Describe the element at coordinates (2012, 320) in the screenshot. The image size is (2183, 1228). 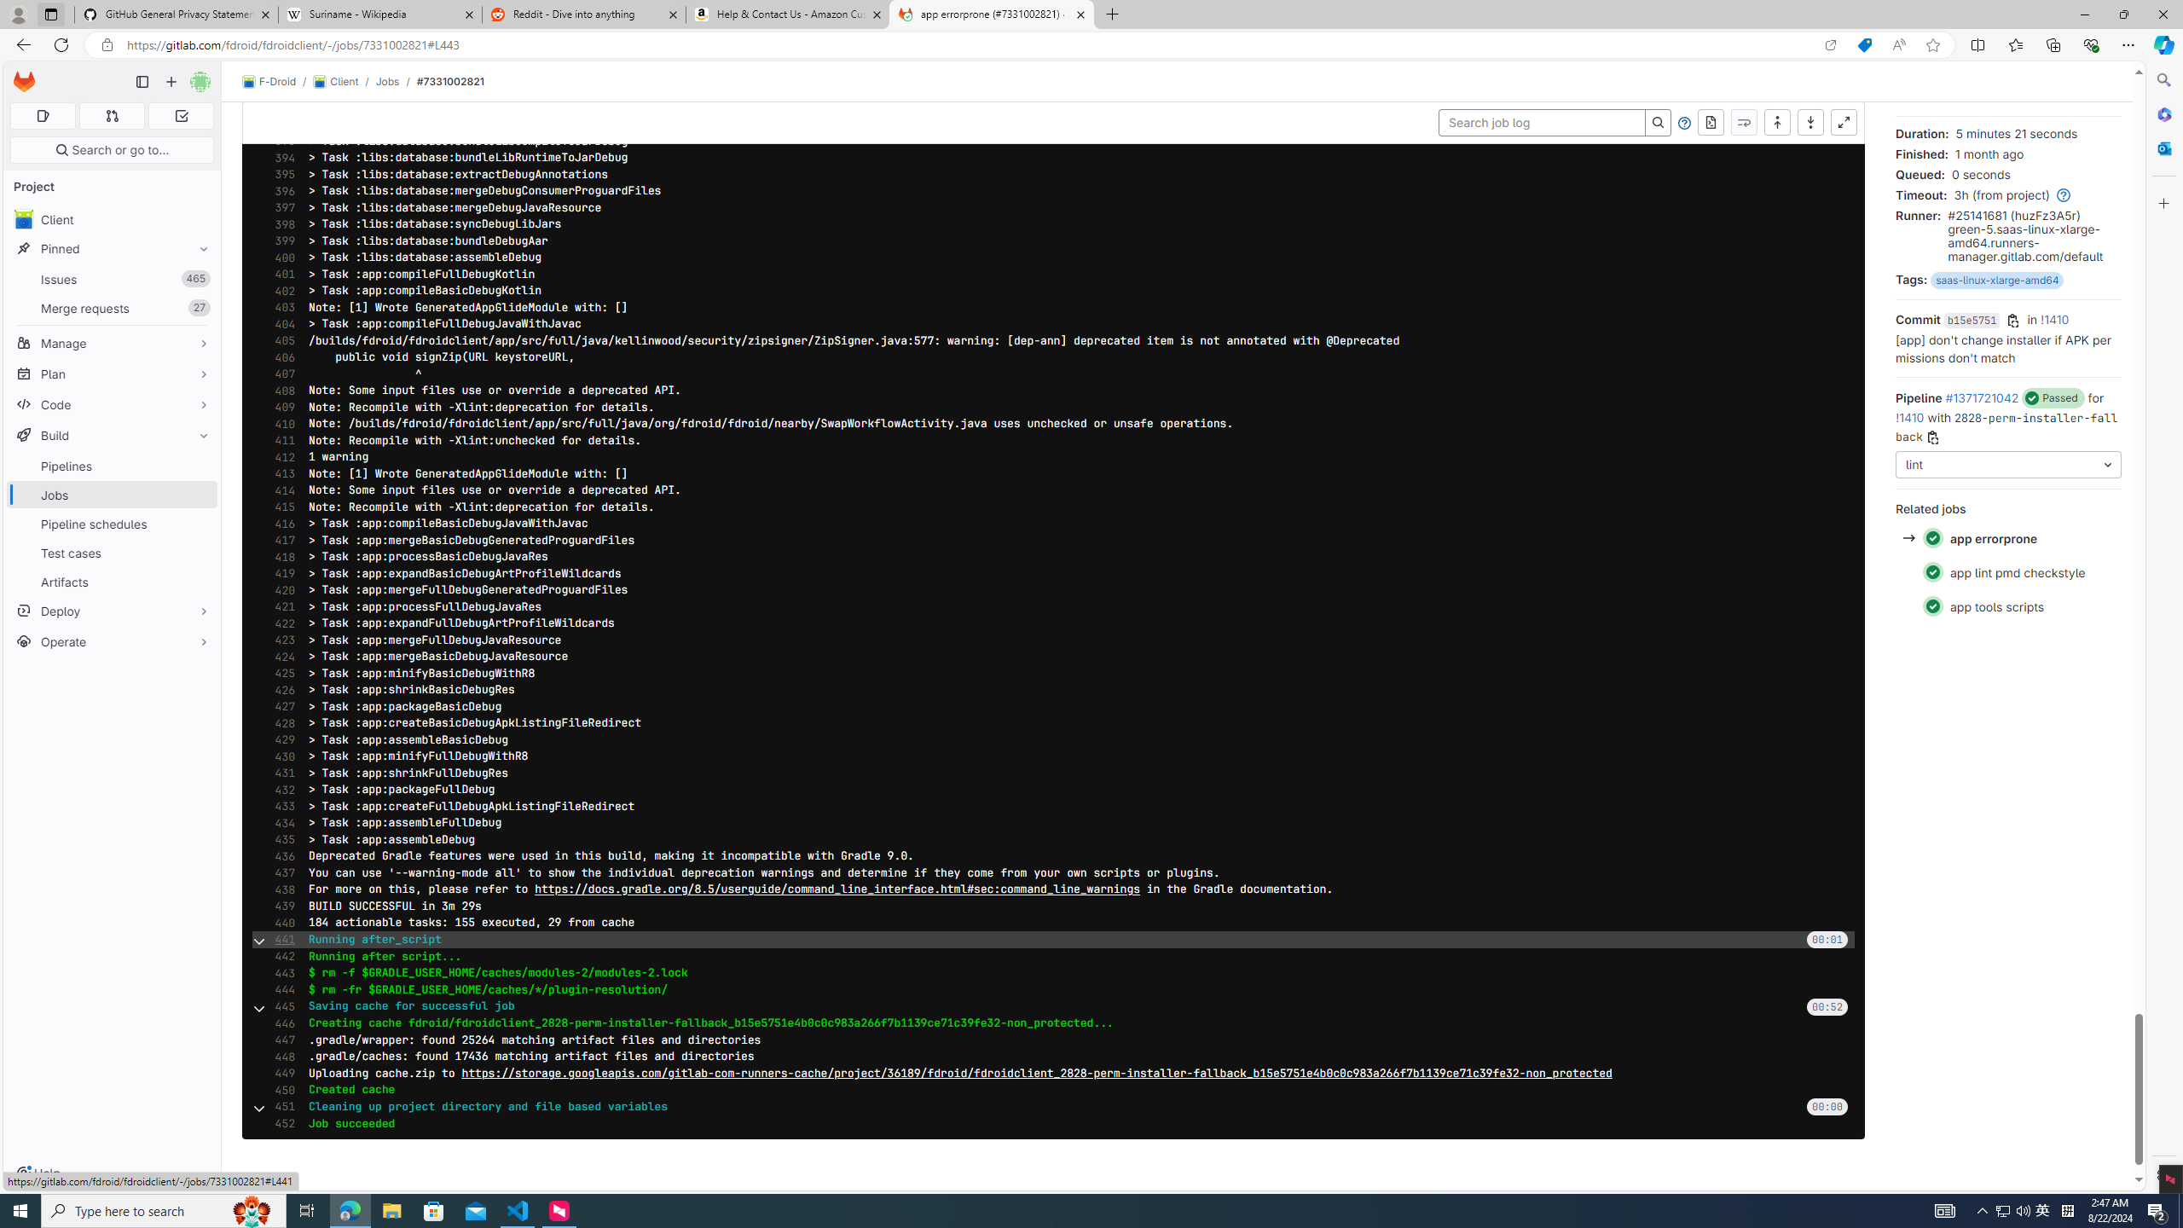
I see `'Copy commit SHA'` at that location.